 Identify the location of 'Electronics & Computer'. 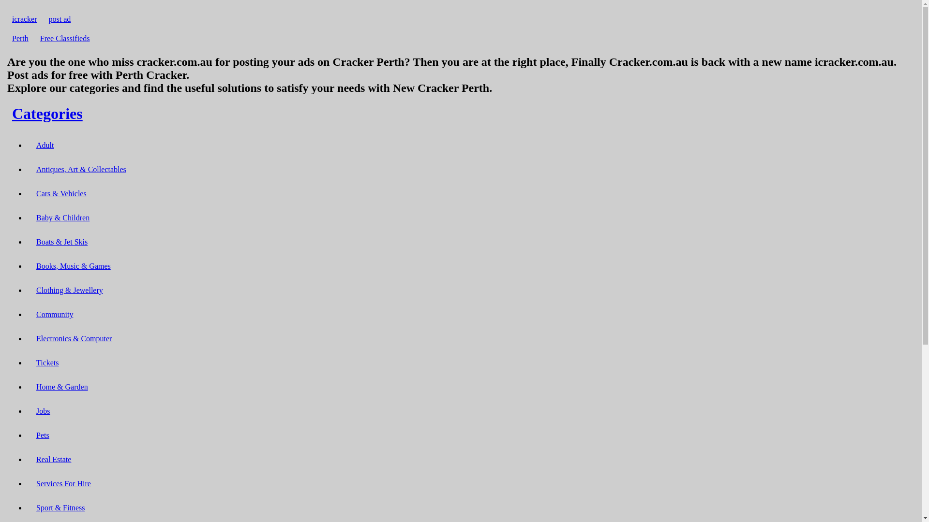
(31, 338).